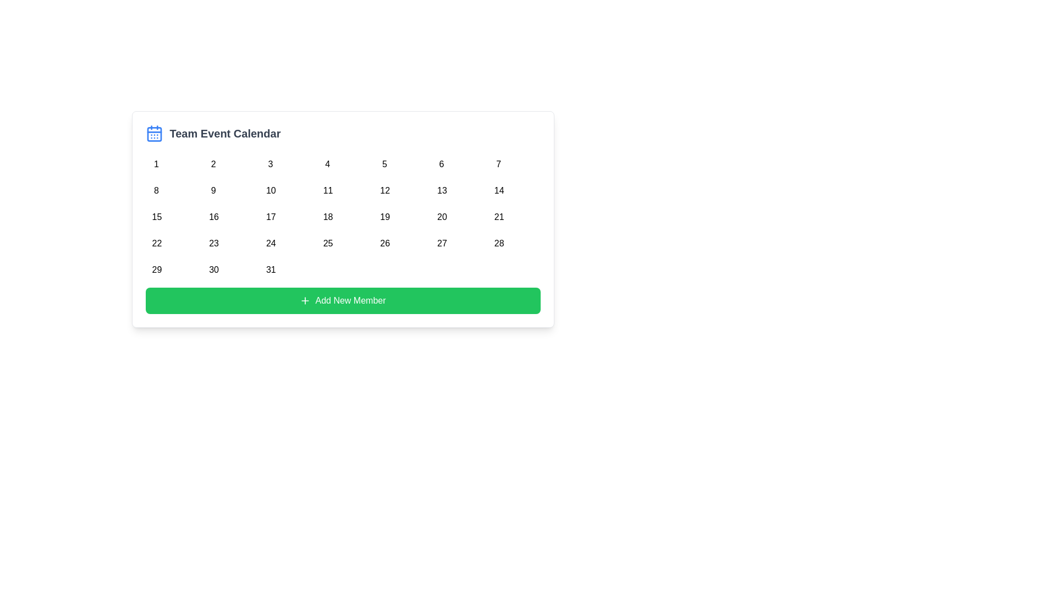  Describe the element at coordinates (327, 162) in the screenshot. I see `the selectable day '4' button in the Team Event Calendar` at that location.